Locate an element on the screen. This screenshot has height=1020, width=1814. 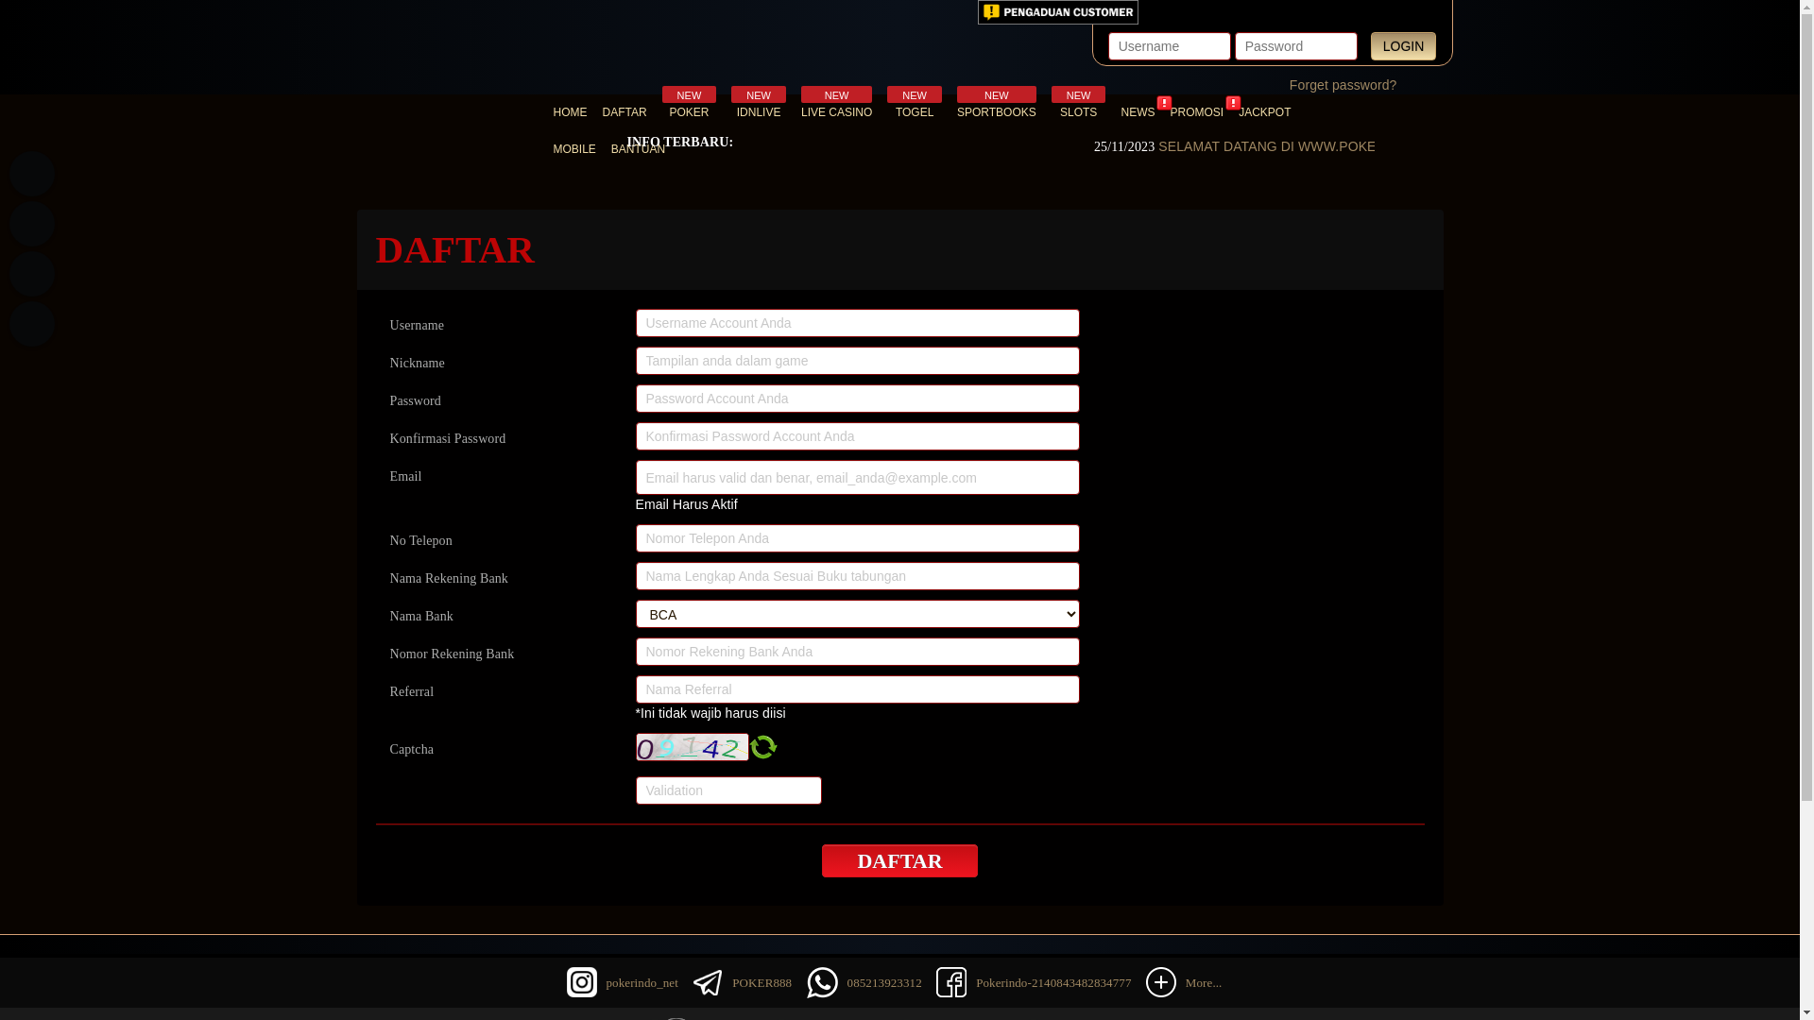
'LOGIN' is located at coordinates (1404, 45).